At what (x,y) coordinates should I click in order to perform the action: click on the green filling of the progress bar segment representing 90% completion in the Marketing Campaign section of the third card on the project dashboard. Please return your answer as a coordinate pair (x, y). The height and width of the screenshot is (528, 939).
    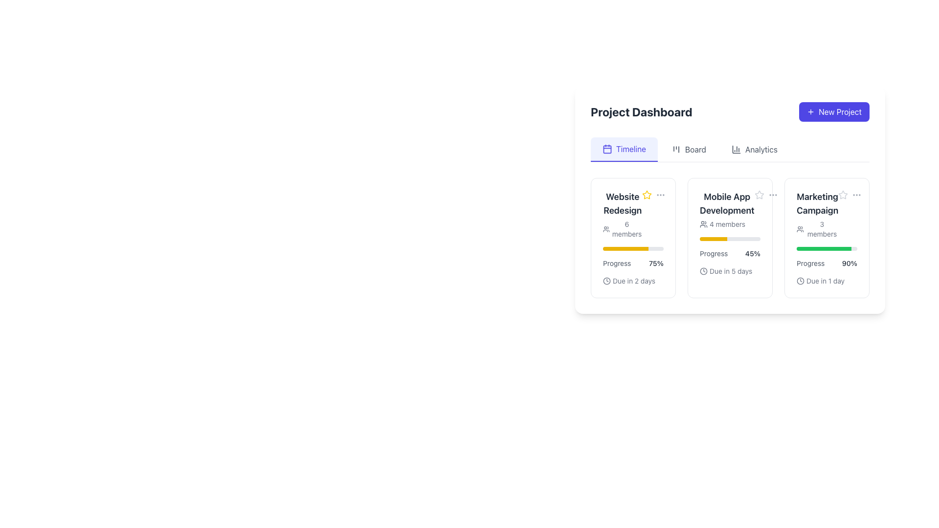
    Looking at the image, I should click on (823, 248).